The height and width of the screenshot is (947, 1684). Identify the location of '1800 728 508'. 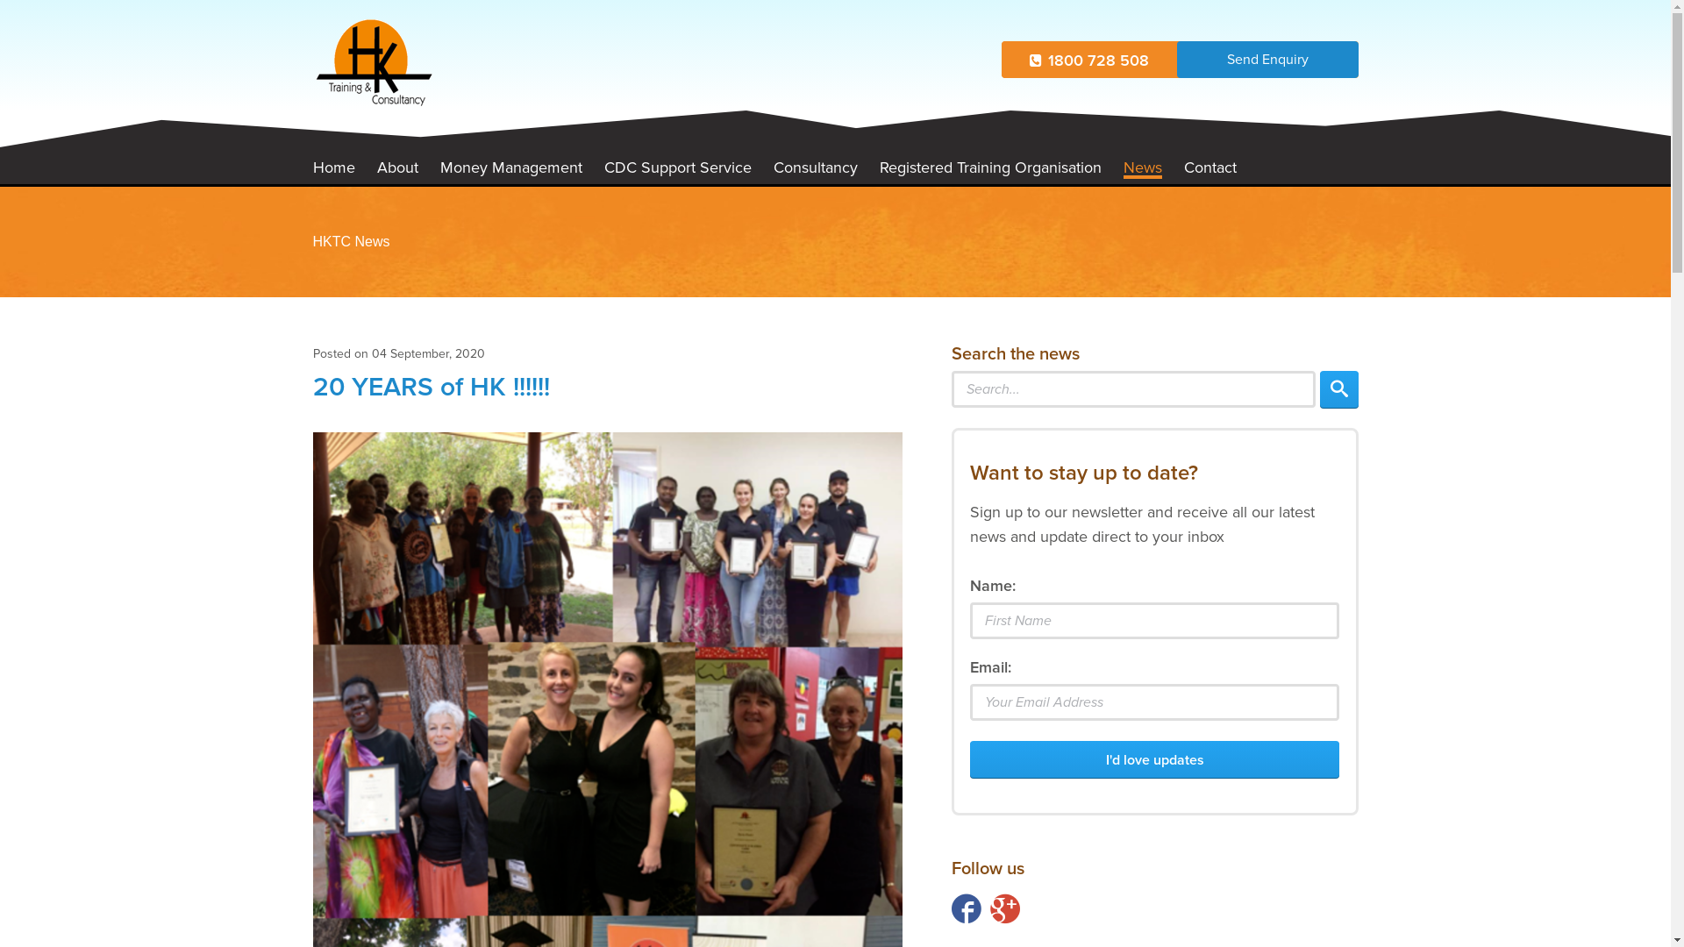
(1088, 59).